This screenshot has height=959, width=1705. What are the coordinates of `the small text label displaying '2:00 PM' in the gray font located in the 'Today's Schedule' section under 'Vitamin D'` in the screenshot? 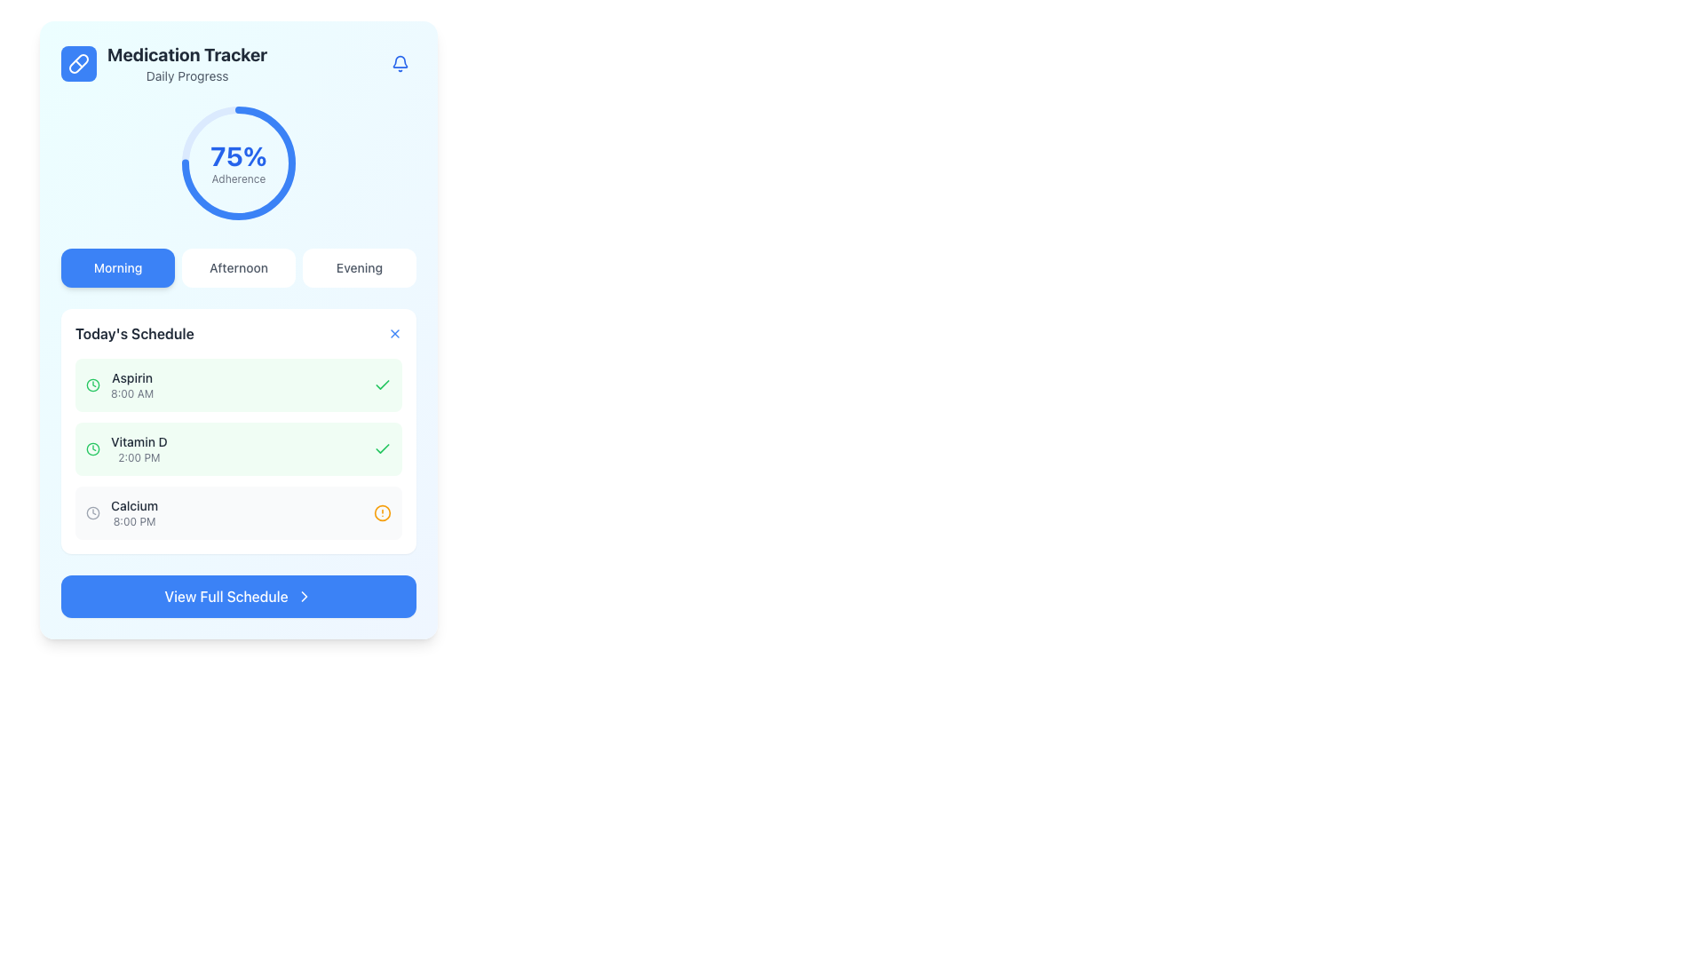 It's located at (138, 457).